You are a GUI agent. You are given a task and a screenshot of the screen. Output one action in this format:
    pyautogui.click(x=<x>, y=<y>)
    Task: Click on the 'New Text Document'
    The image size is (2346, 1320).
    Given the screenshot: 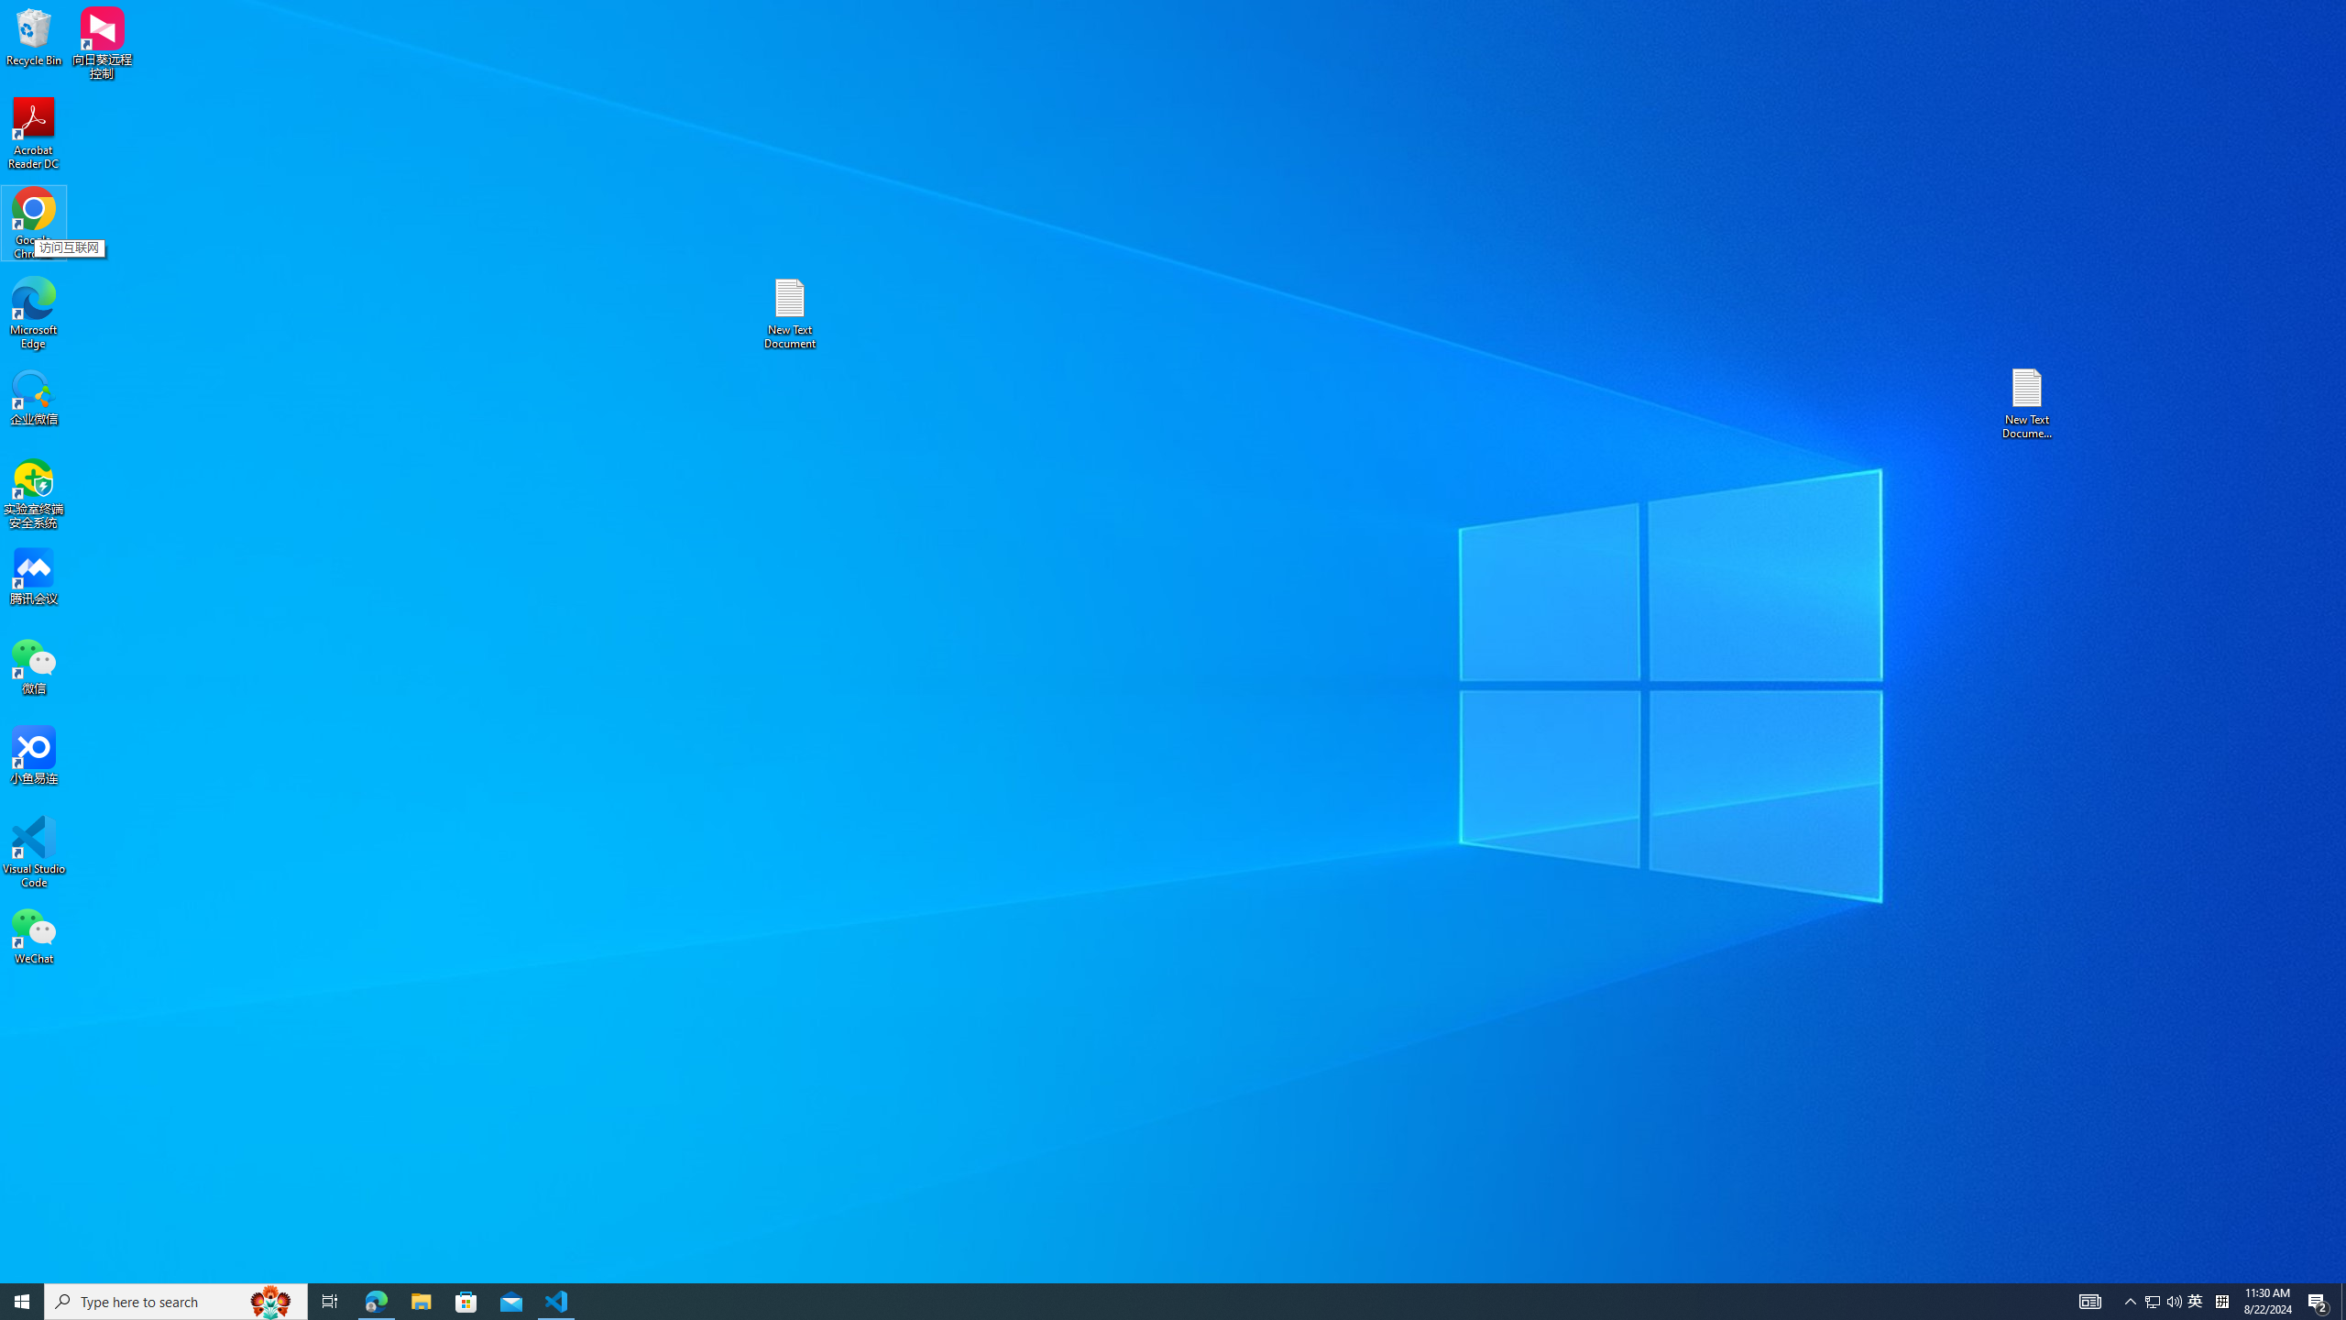 What is the action you would take?
    pyautogui.click(x=788, y=313)
    